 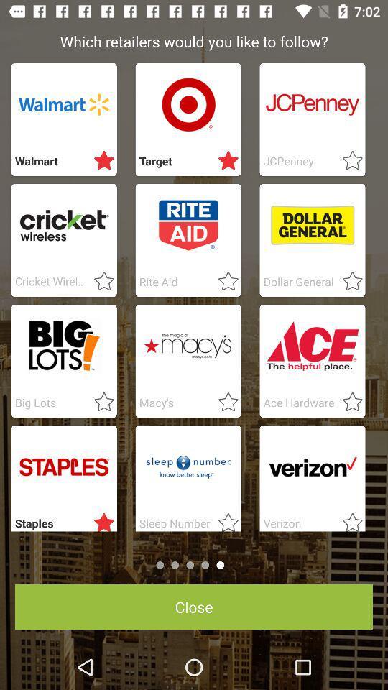 I want to click on adding favorite star icon, so click(x=99, y=281).